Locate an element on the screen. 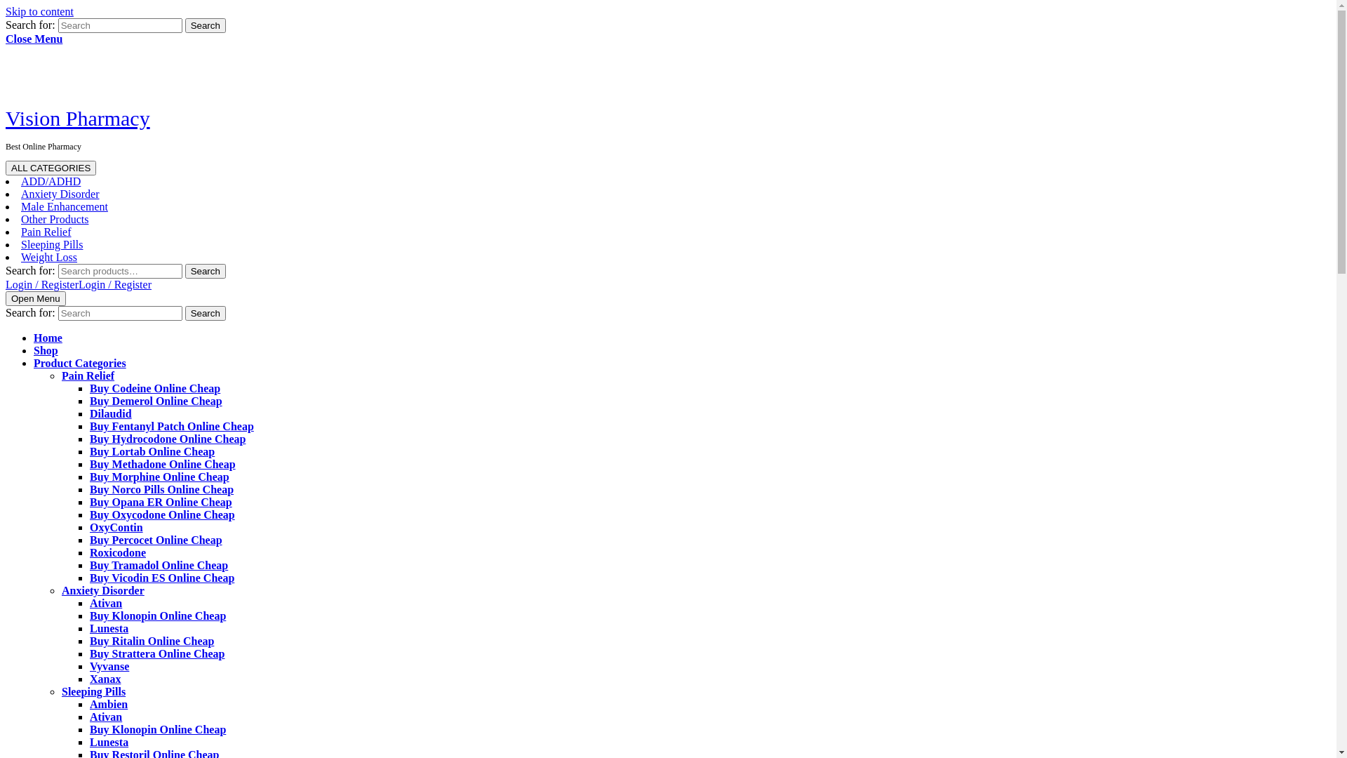 This screenshot has height=758, width=1347. 'Buy Tramadol Online Cheap' is located at coordinates (159, 564).